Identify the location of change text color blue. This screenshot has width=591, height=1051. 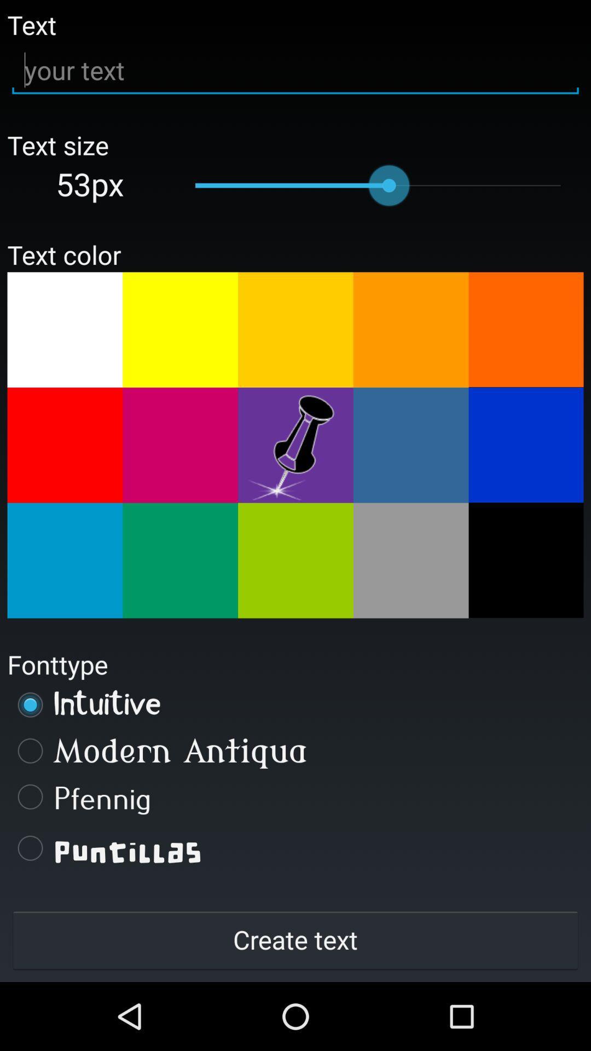
(411, 445).